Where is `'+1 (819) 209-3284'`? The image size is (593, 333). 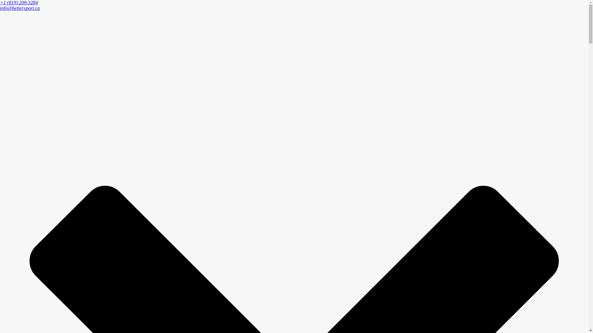
'+1 (819) 209-3284' is located at coordinates (19, 2).